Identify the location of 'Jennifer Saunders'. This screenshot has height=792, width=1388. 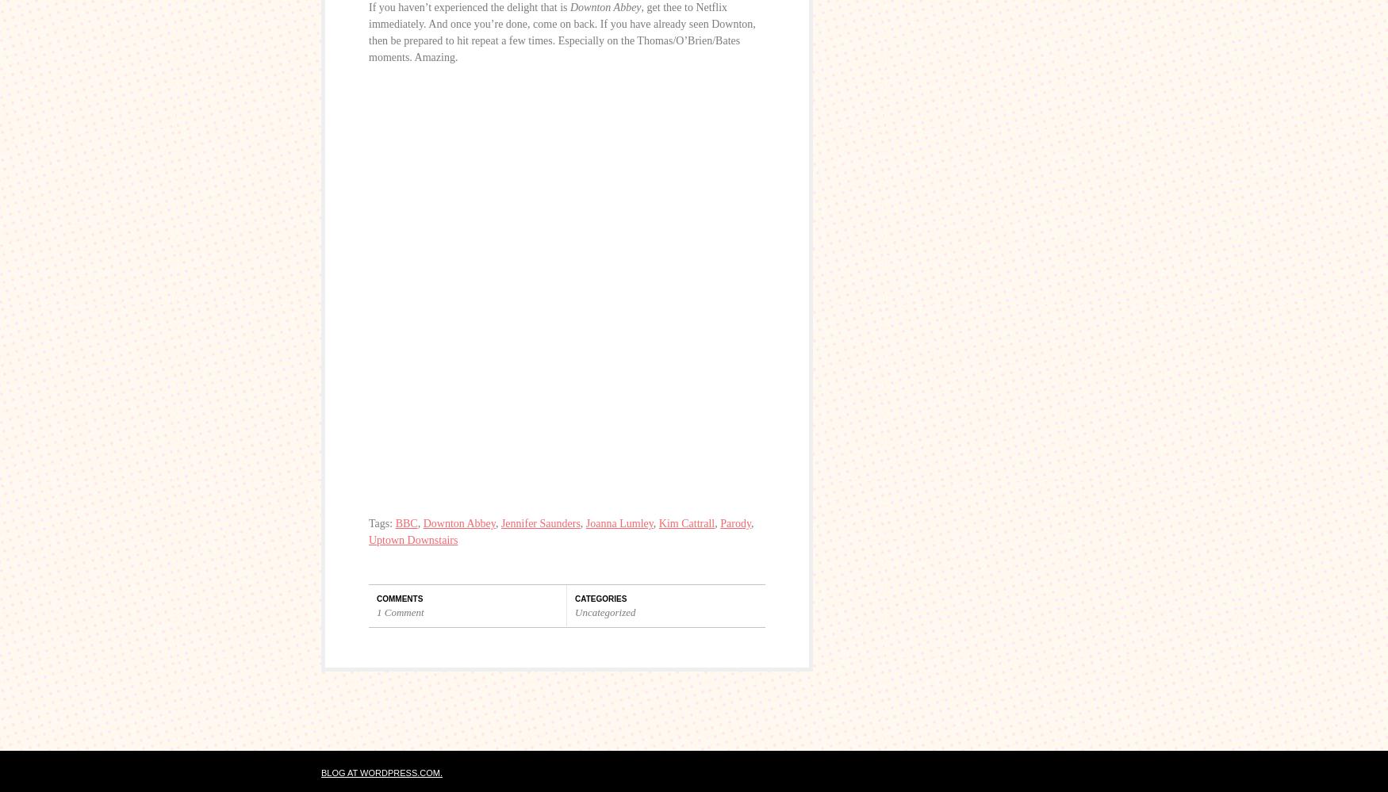
(539, 522).